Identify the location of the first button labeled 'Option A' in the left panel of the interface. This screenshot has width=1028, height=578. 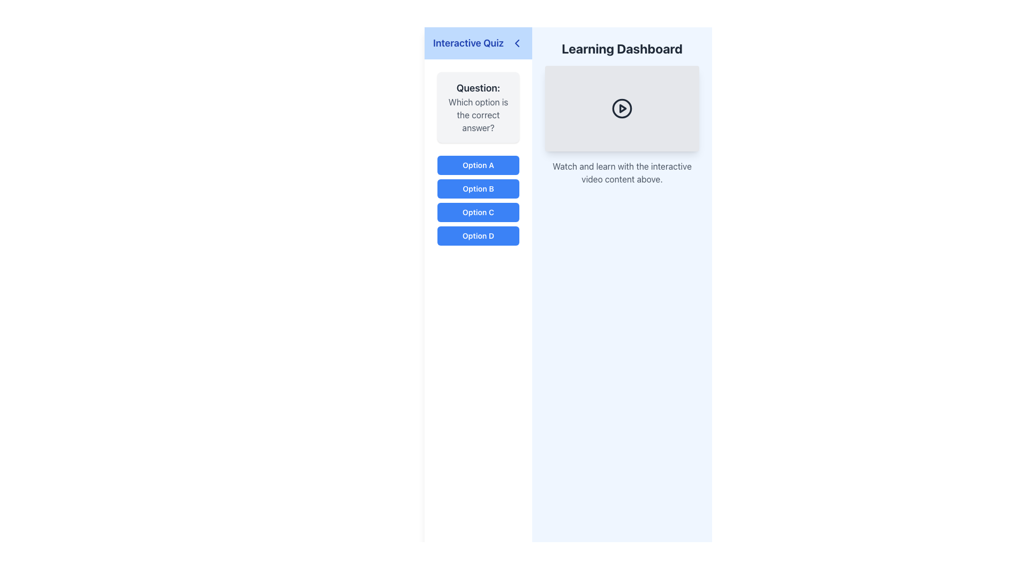
(478, 165).